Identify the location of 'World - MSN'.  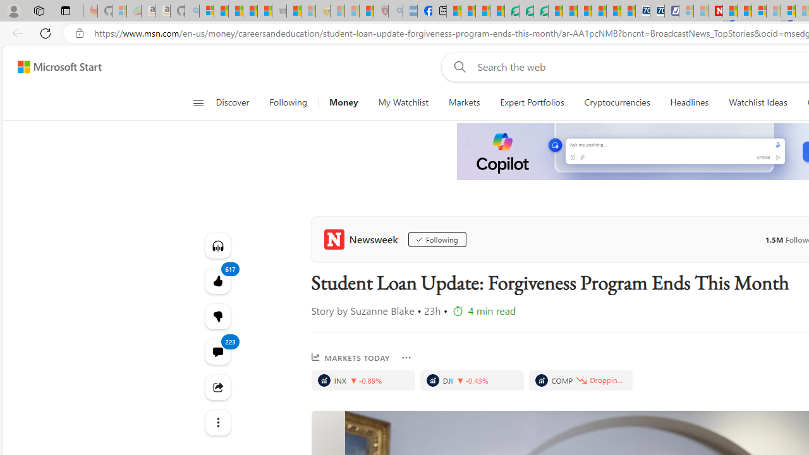
(482, 11).